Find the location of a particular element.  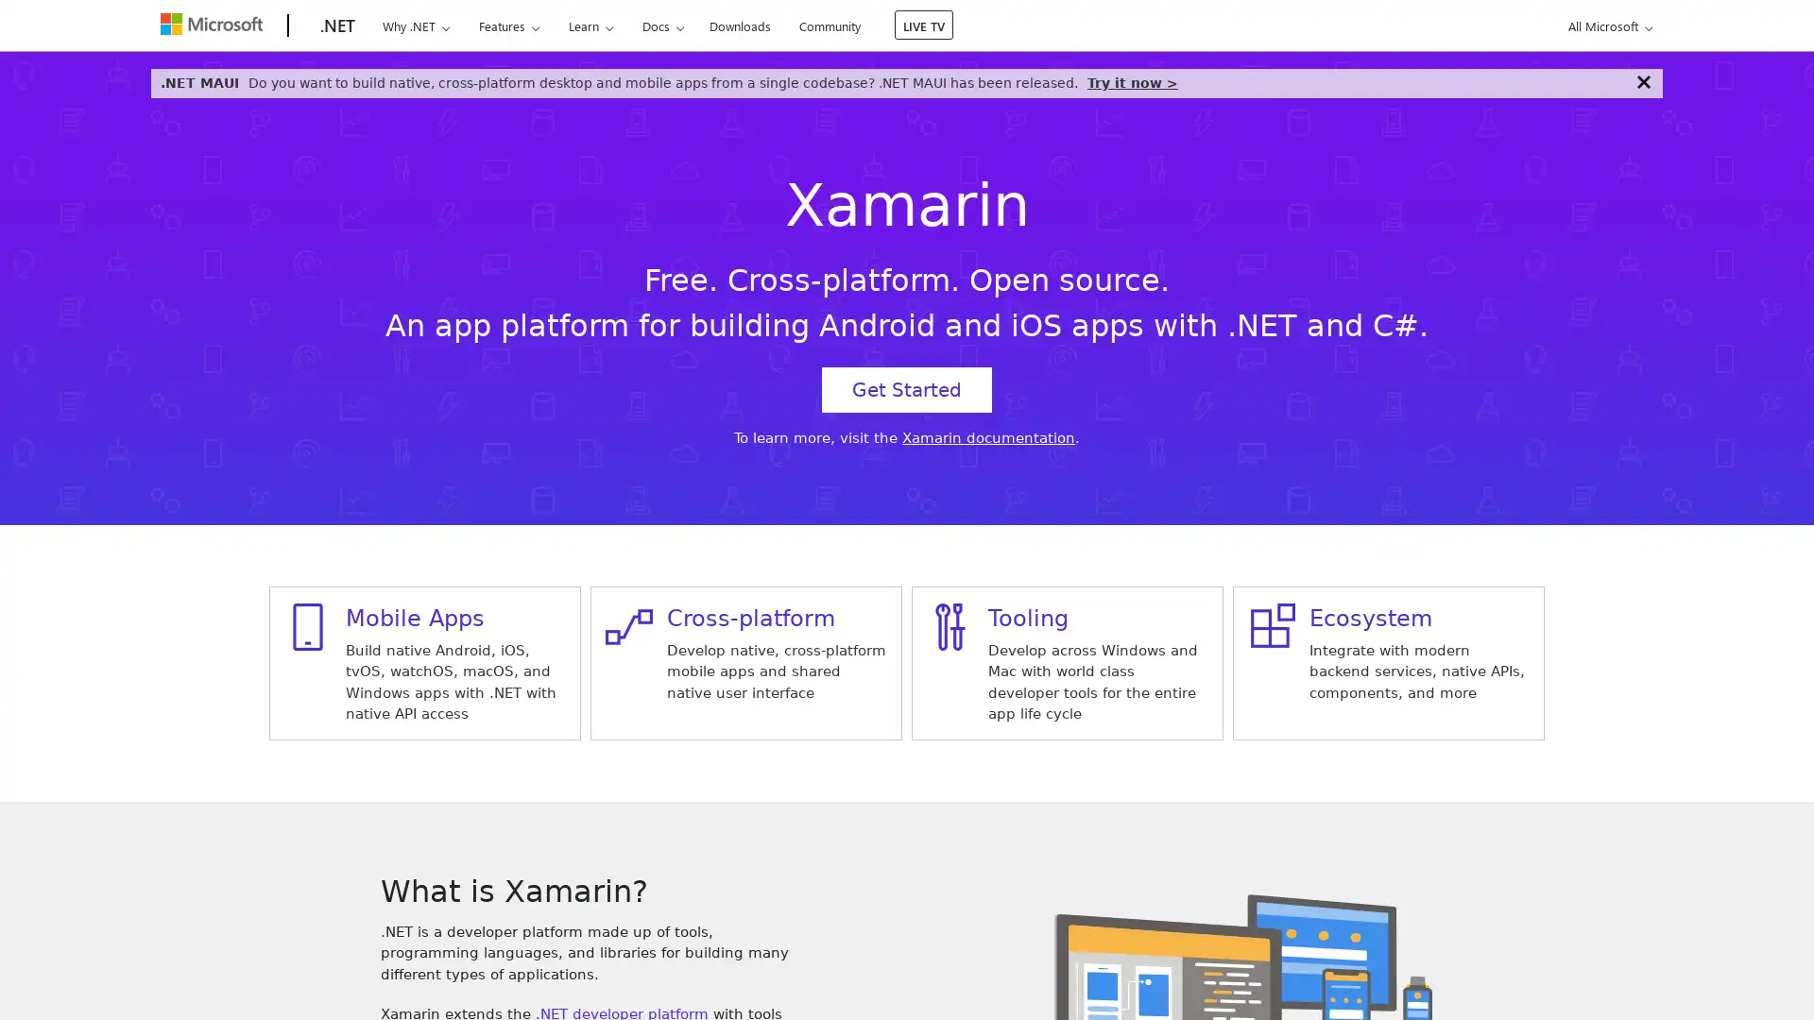

Why .NET is located at coordinates (415, 25).